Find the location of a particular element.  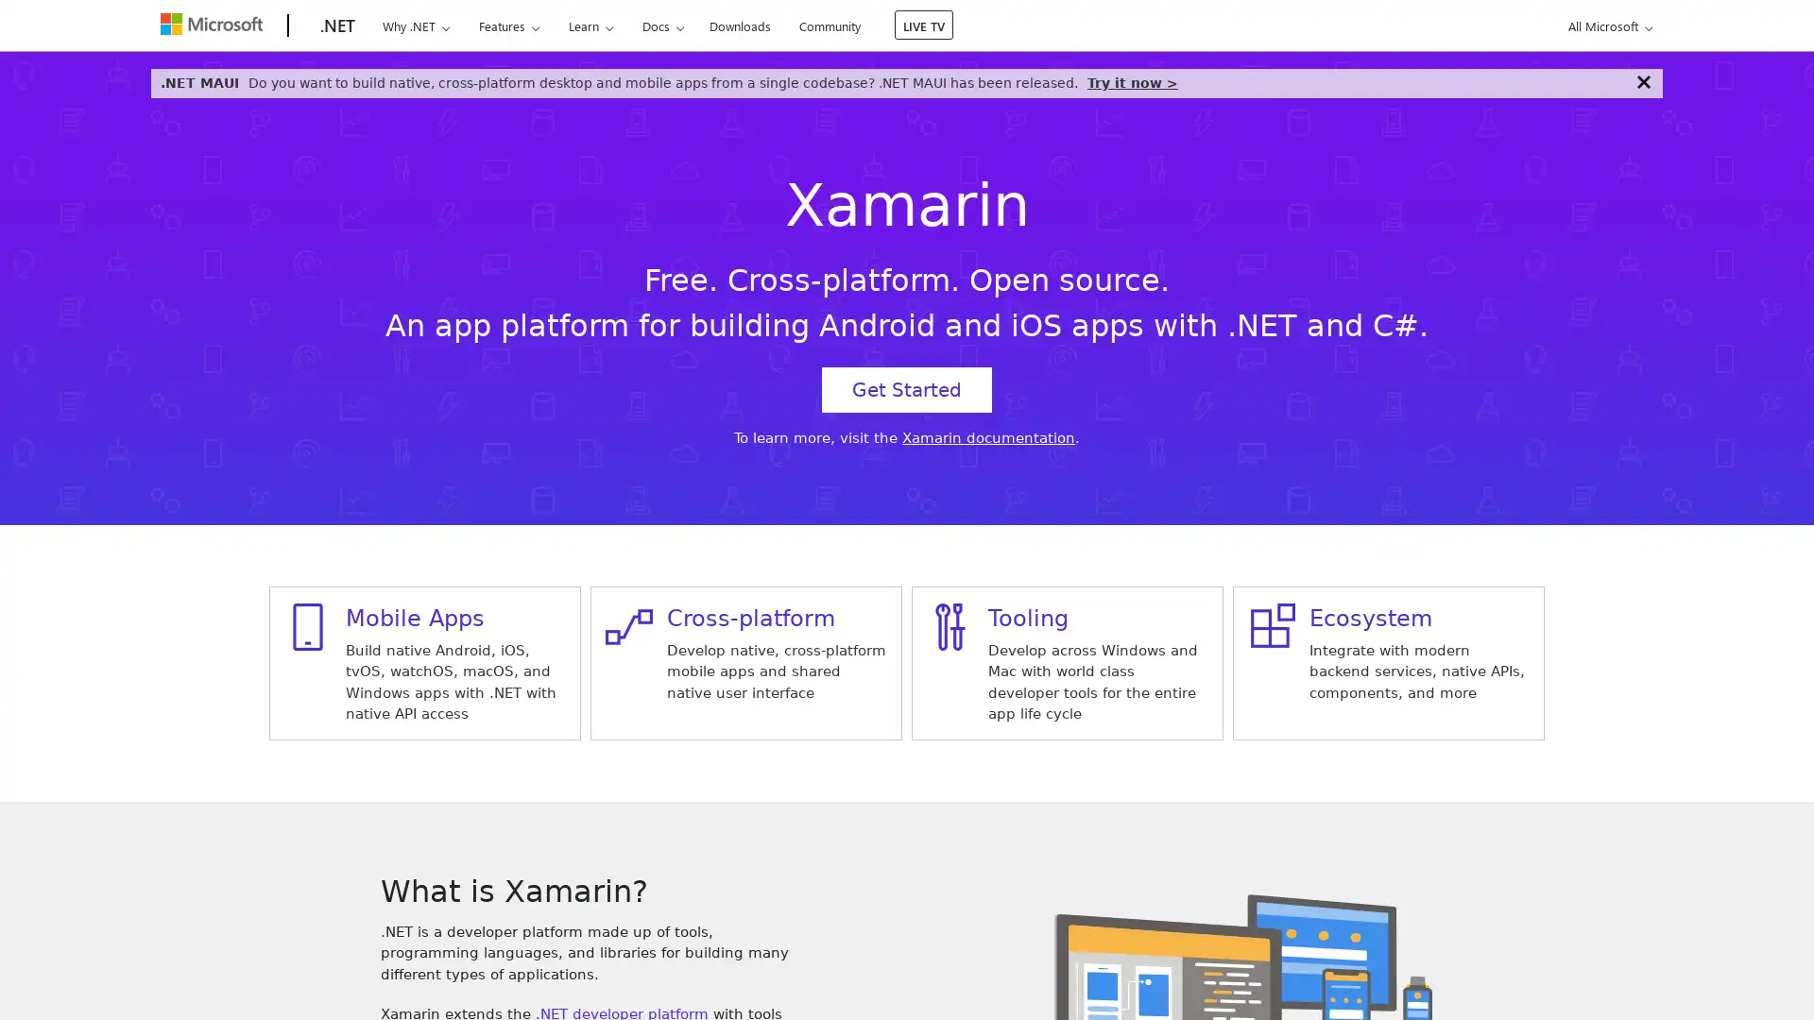

Why .NET is located at coordinates (415, 25).